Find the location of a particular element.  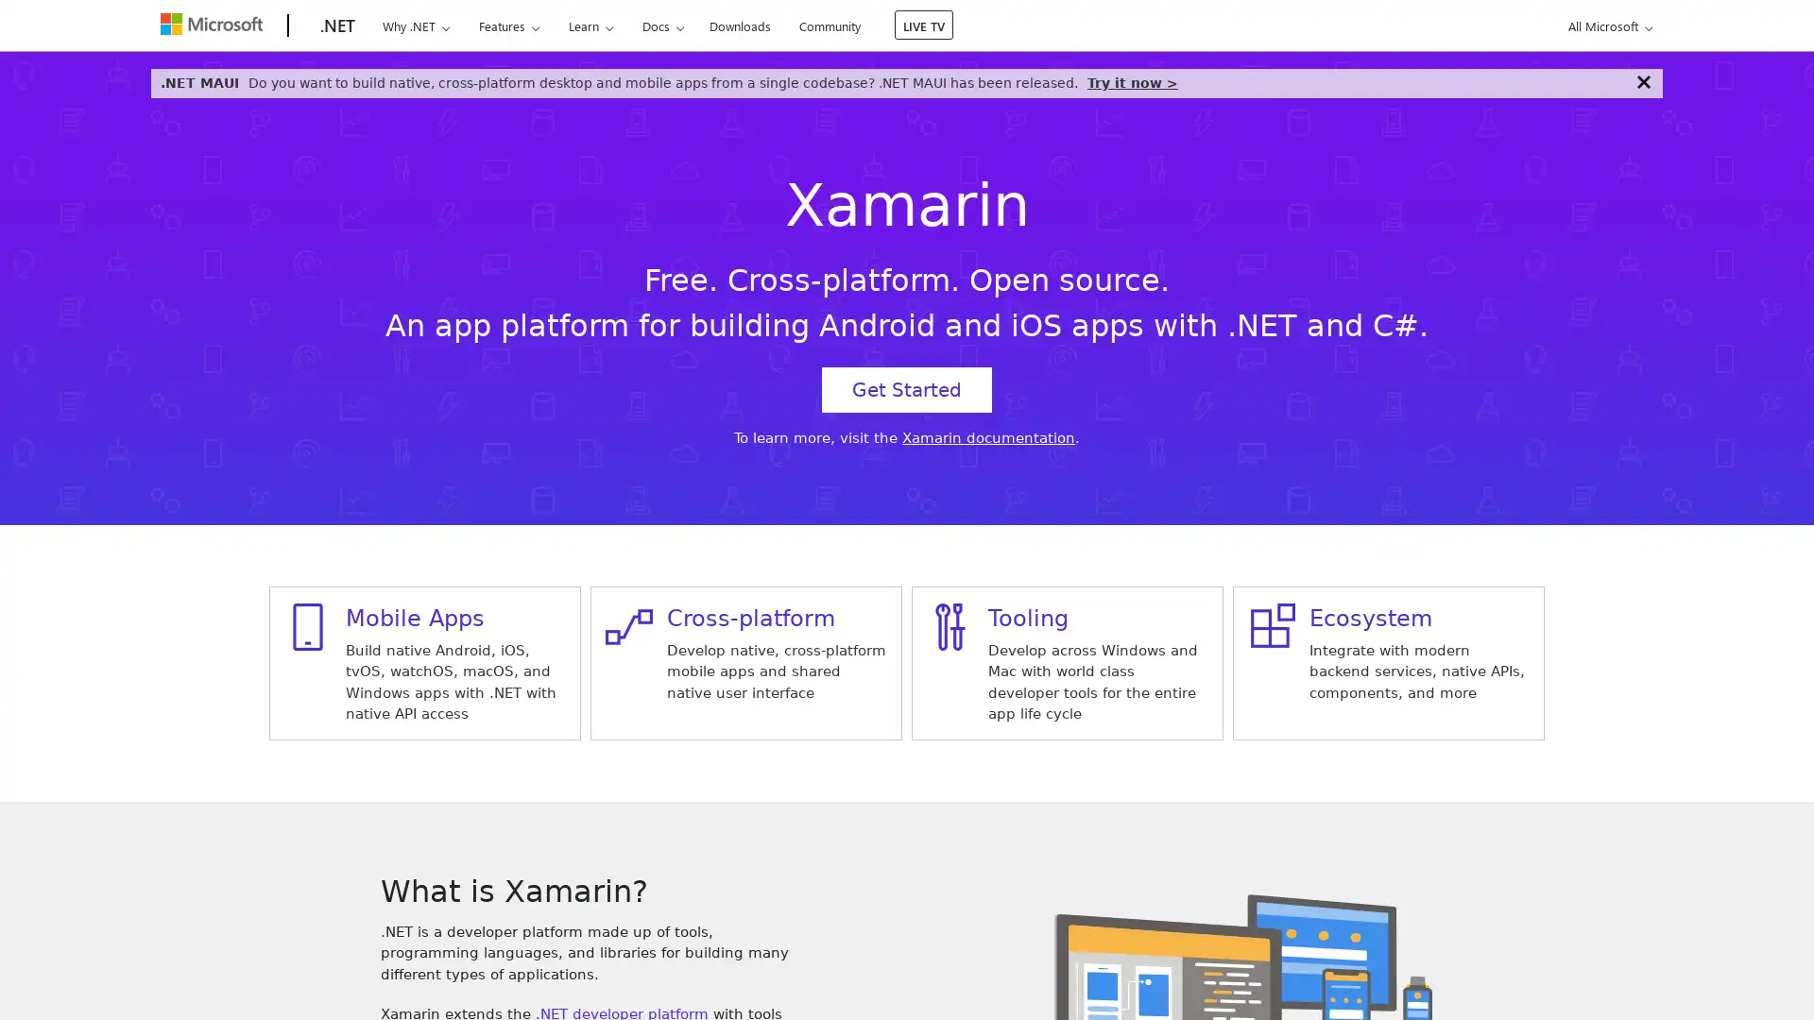

Why .NET is located at coordinates (415, 25).